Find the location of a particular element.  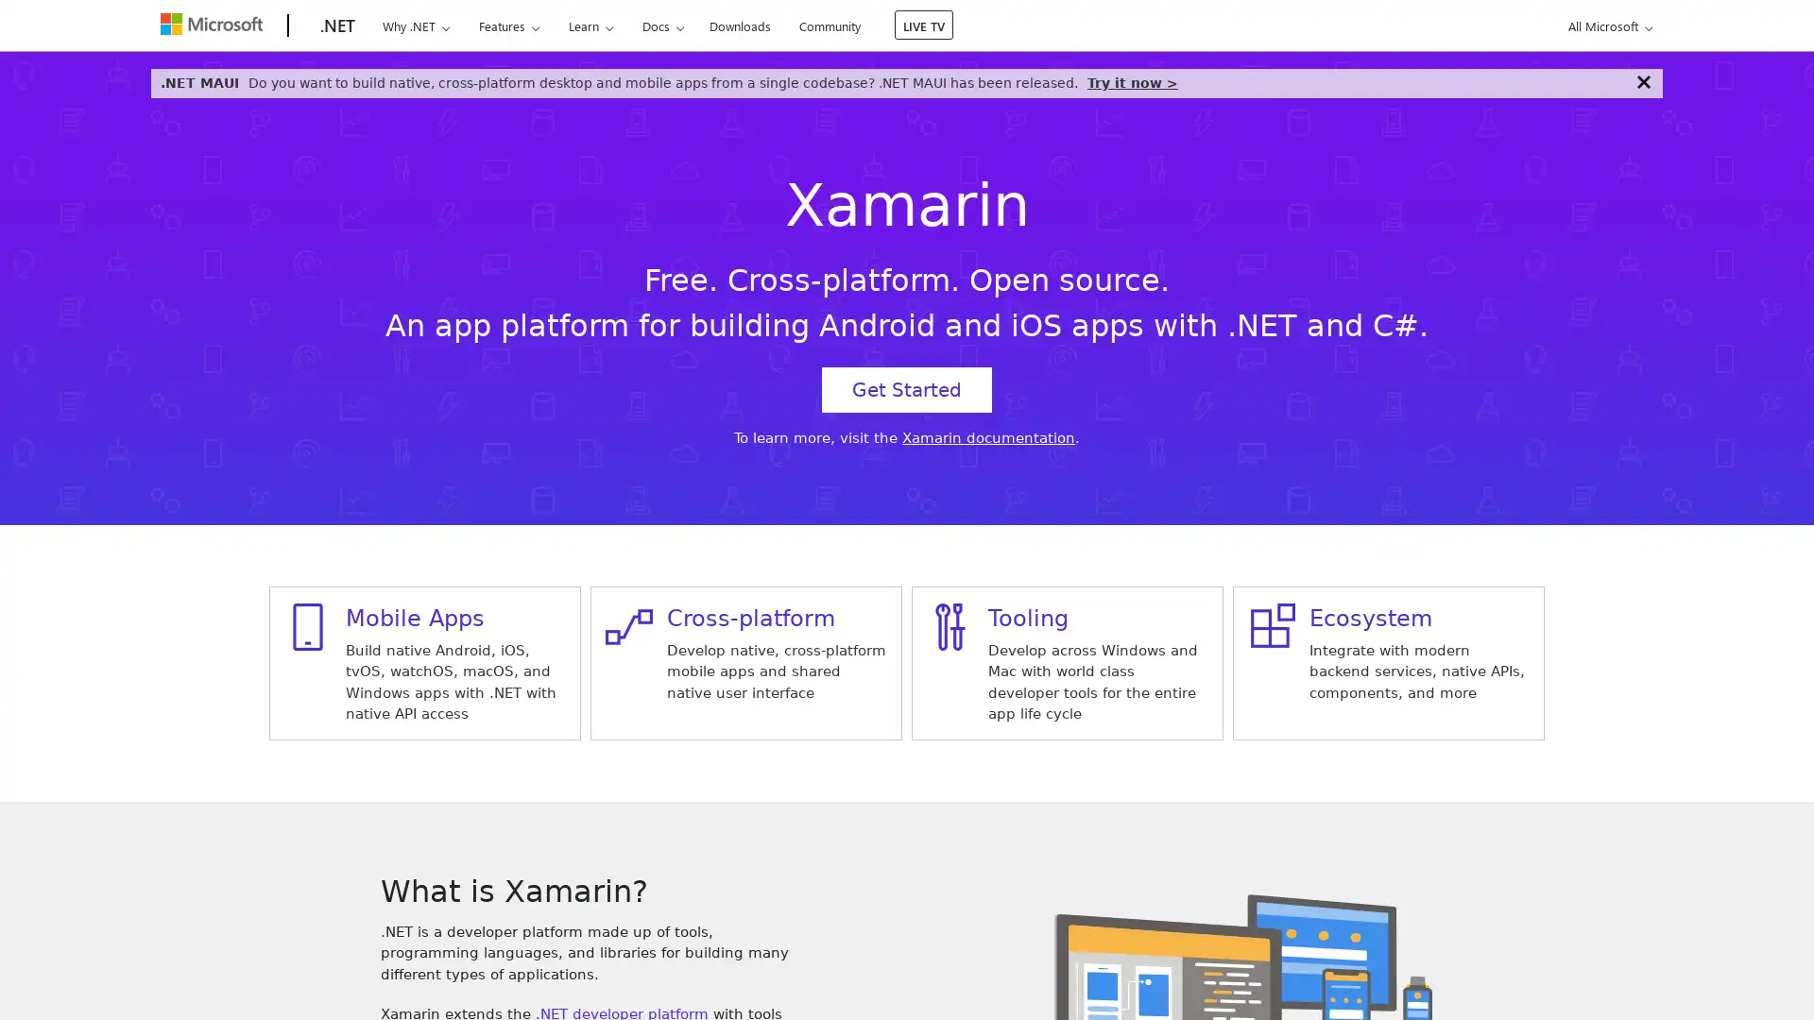

Why .NET is located at coordinates (415, 25).